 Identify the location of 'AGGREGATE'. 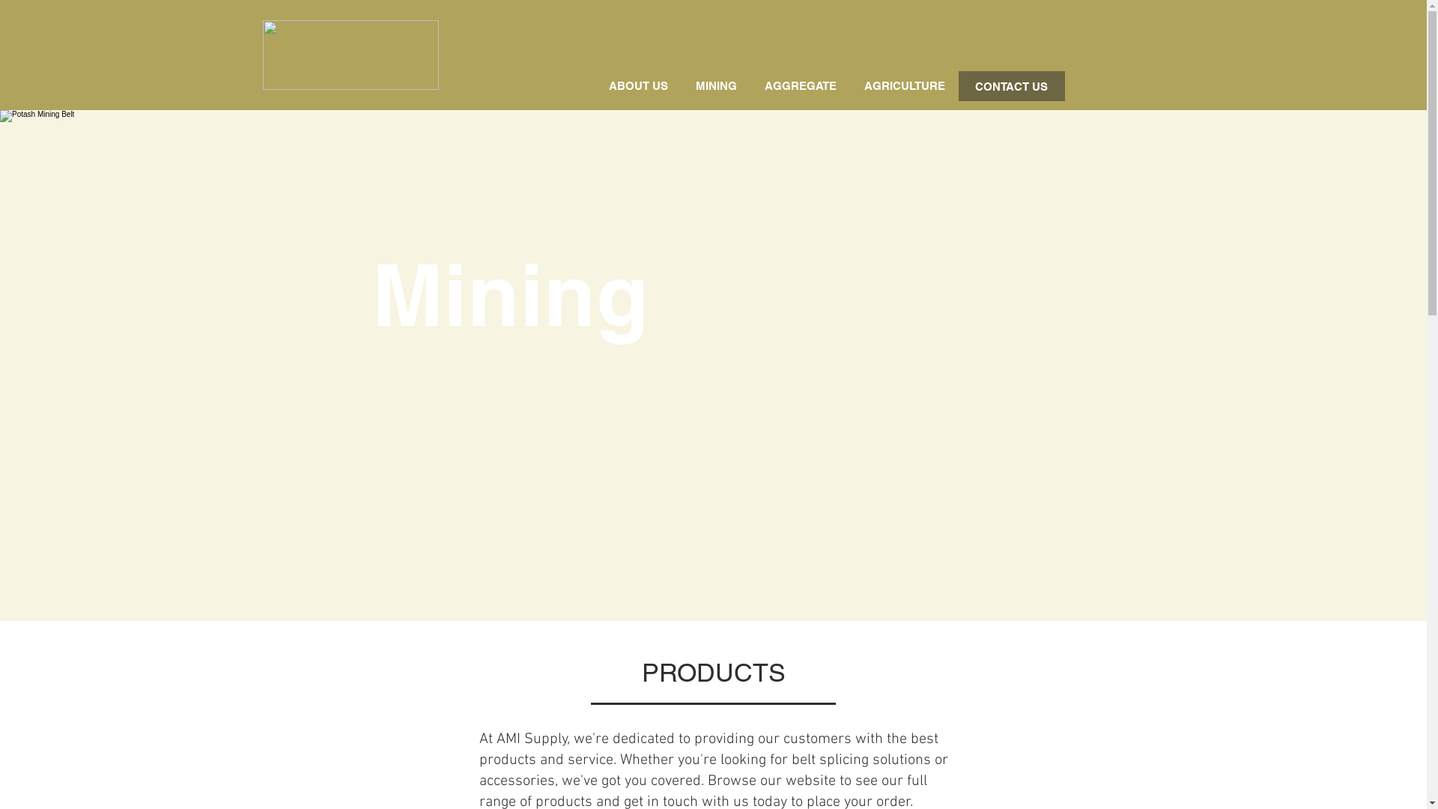
(799, 86).